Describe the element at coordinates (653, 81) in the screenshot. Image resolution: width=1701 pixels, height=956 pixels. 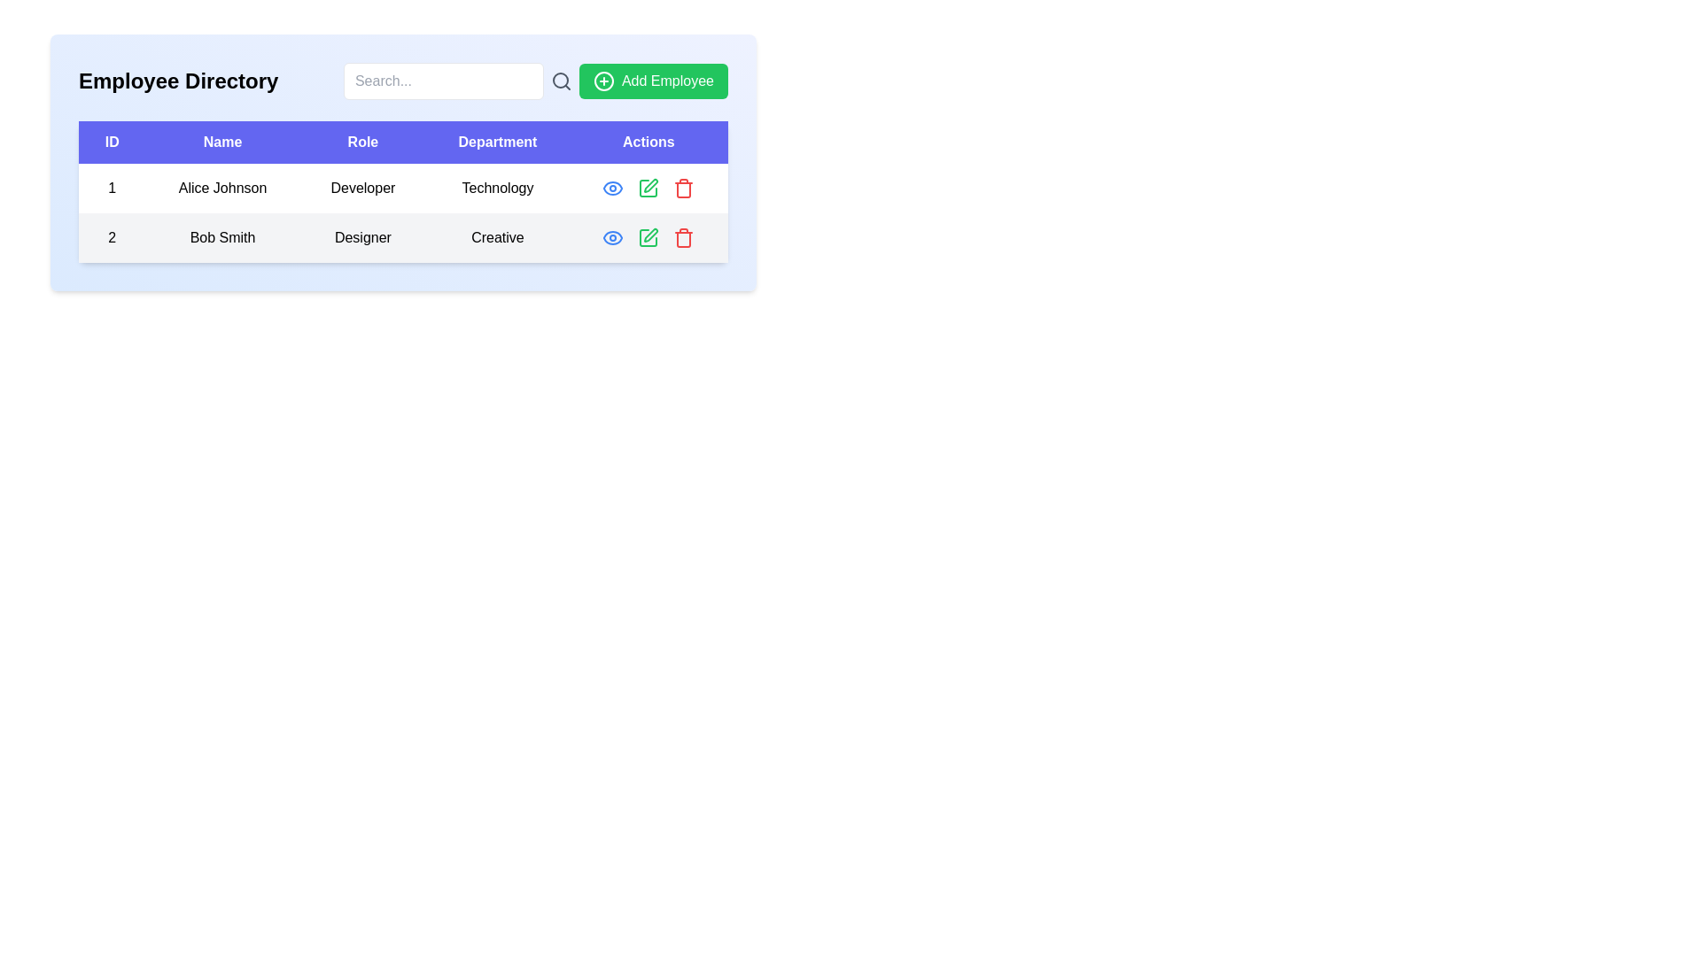
I see `the brightly colored green button in the top-right section of the interface` at that location.